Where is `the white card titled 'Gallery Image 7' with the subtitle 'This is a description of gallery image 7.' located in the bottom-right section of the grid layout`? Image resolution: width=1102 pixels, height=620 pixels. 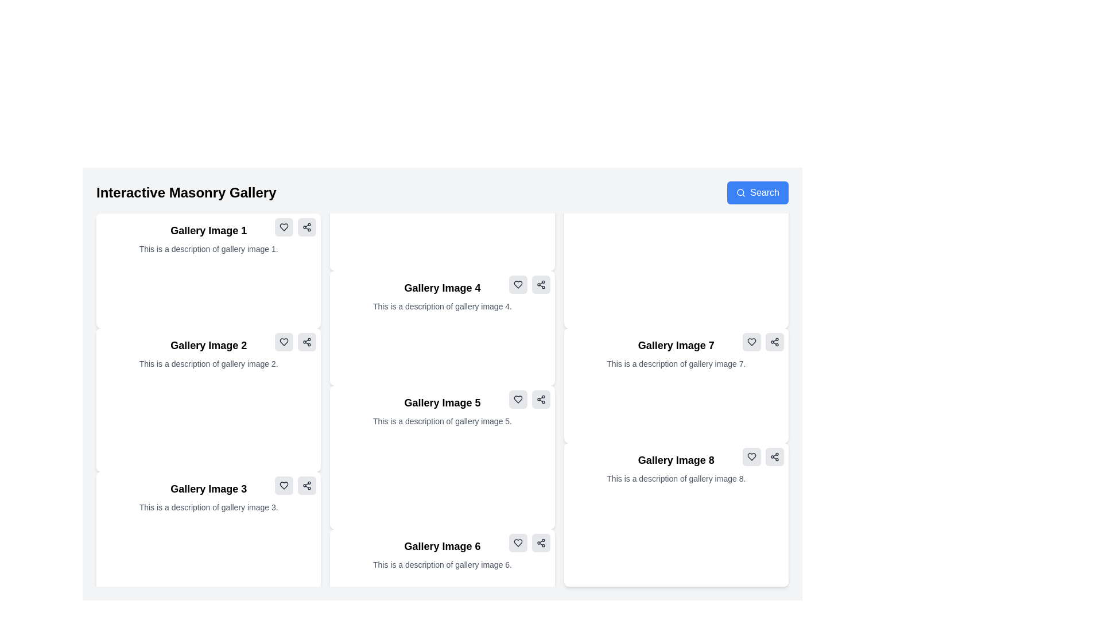 the white card titled 'Gallery Image 7' with the subtitle 'This is a description of gallery image 7.' located in the bottom-right section of the grid layout is located at coordinates (676, 385).